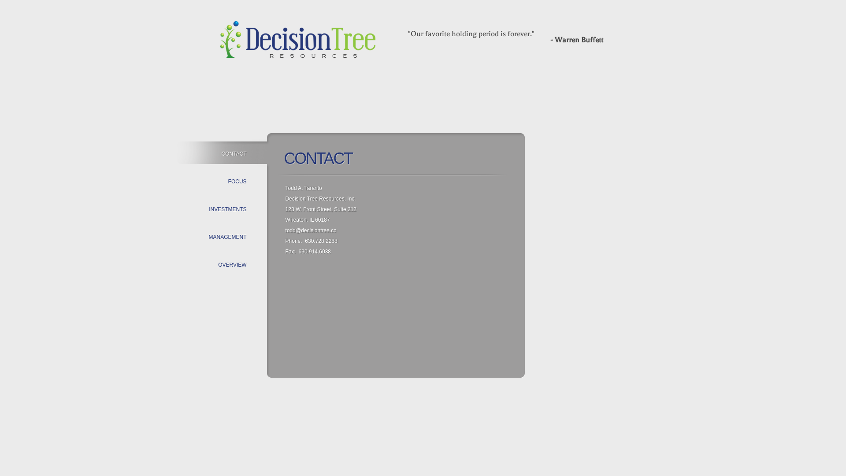  I want to click on 'CONTACT', so click(221, 153).